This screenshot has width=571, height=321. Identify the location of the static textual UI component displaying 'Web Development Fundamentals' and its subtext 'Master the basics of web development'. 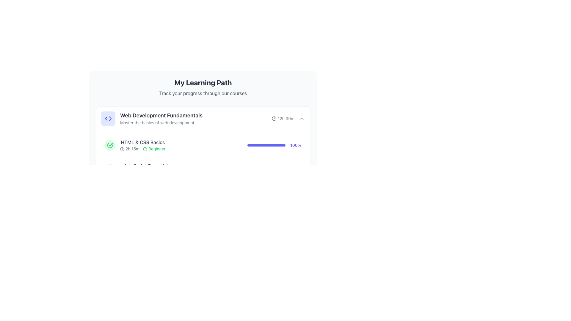
(152, 118).